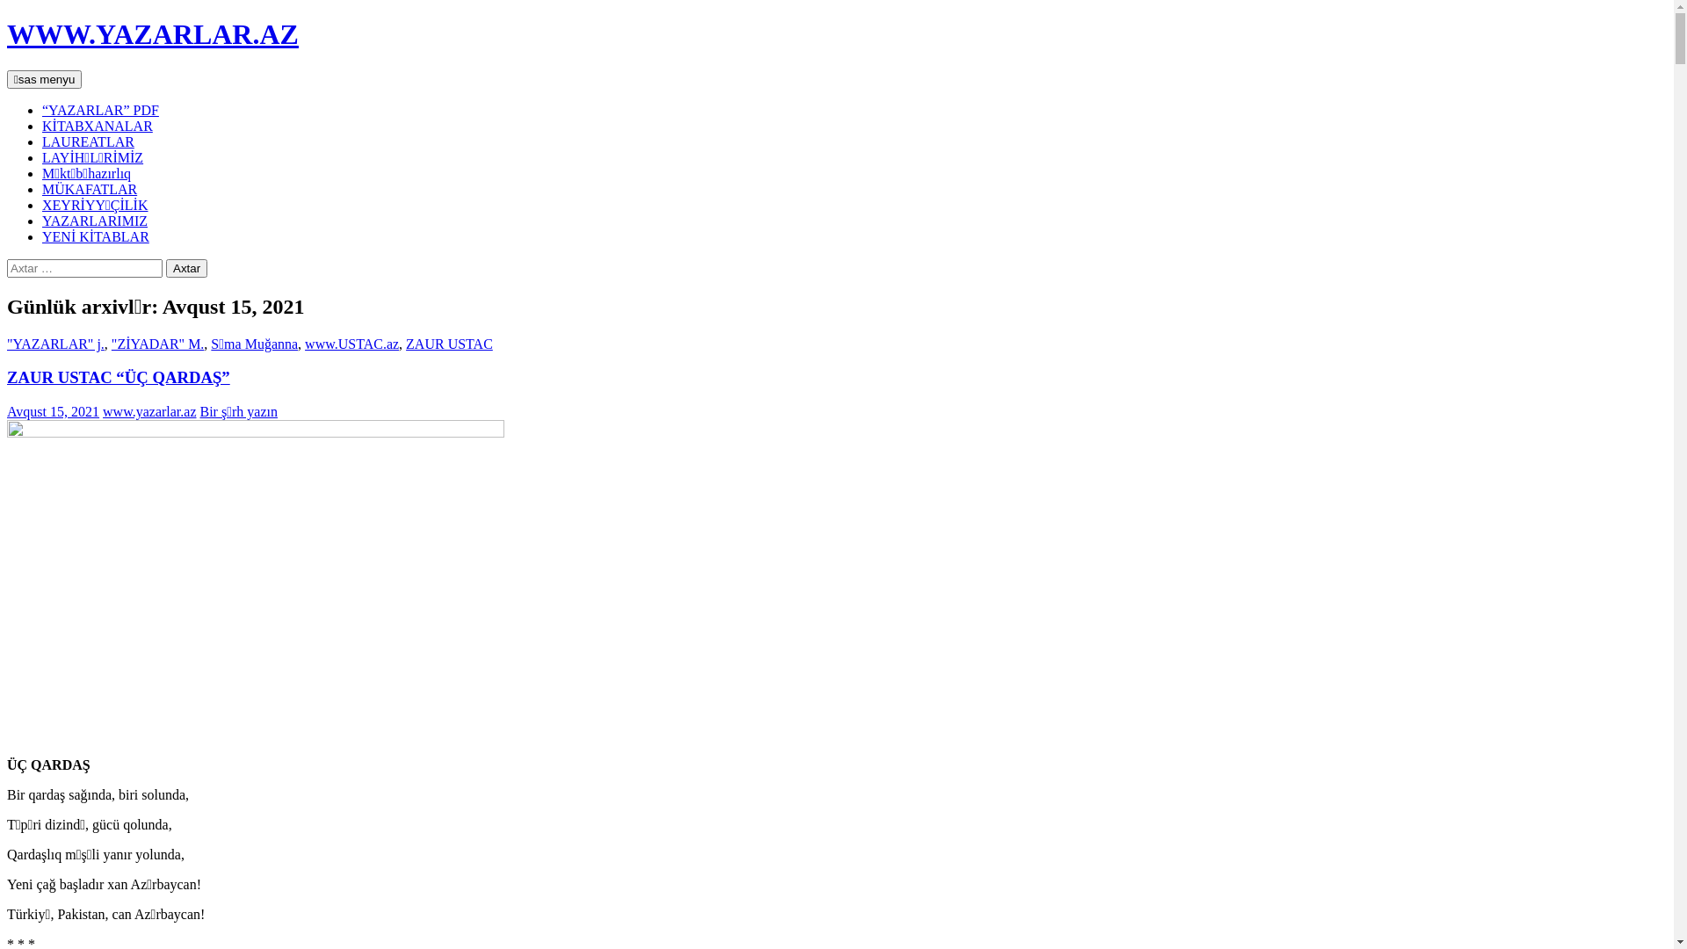 This screenshot has height=949, width=1687. Describe the element at coordinates (186, 268) in the screenshot. I see `'Axtar'` at that location.